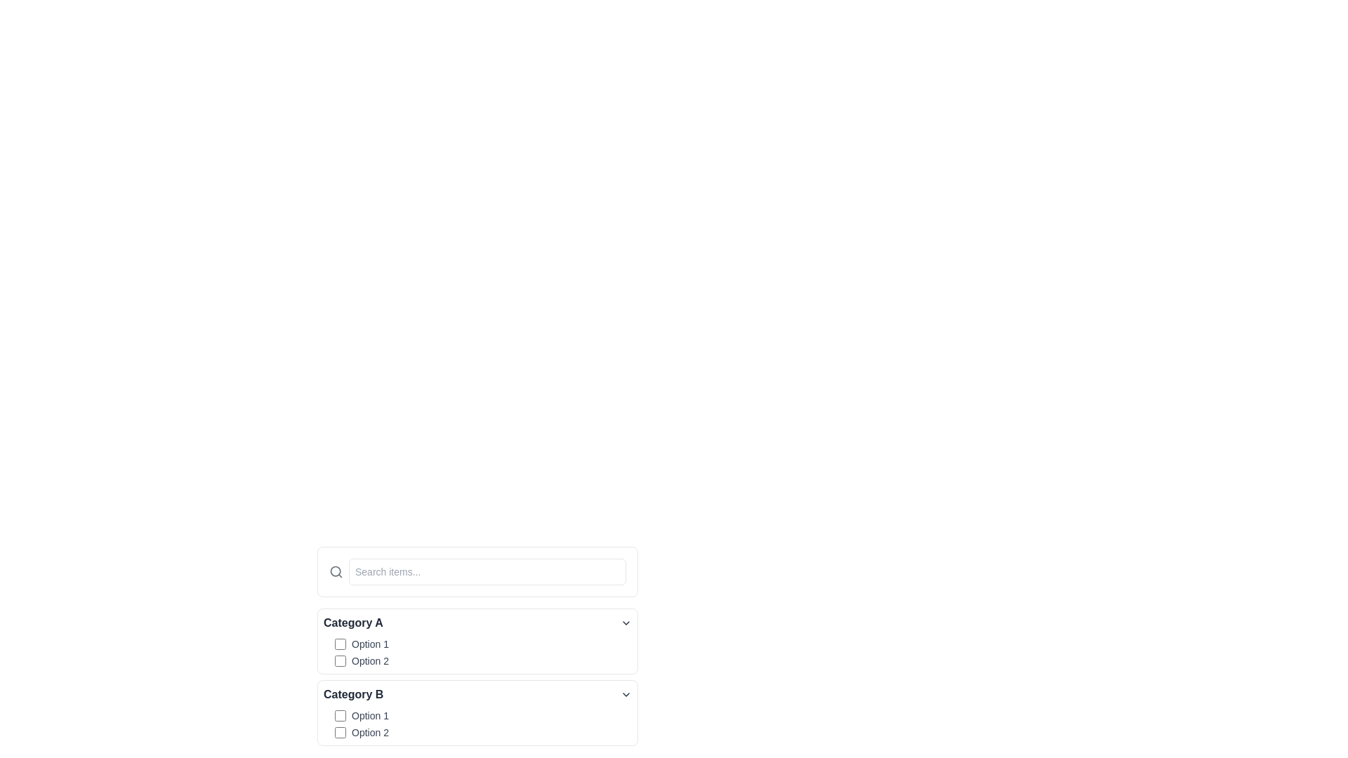 The image size is (1348, 758). What do you see at coordinates (477, 712) in the screenshot?
I see `the checkbox next to 'Option 1' in the Expandable section titled 'Category B'` at bounding box center [477, 712].